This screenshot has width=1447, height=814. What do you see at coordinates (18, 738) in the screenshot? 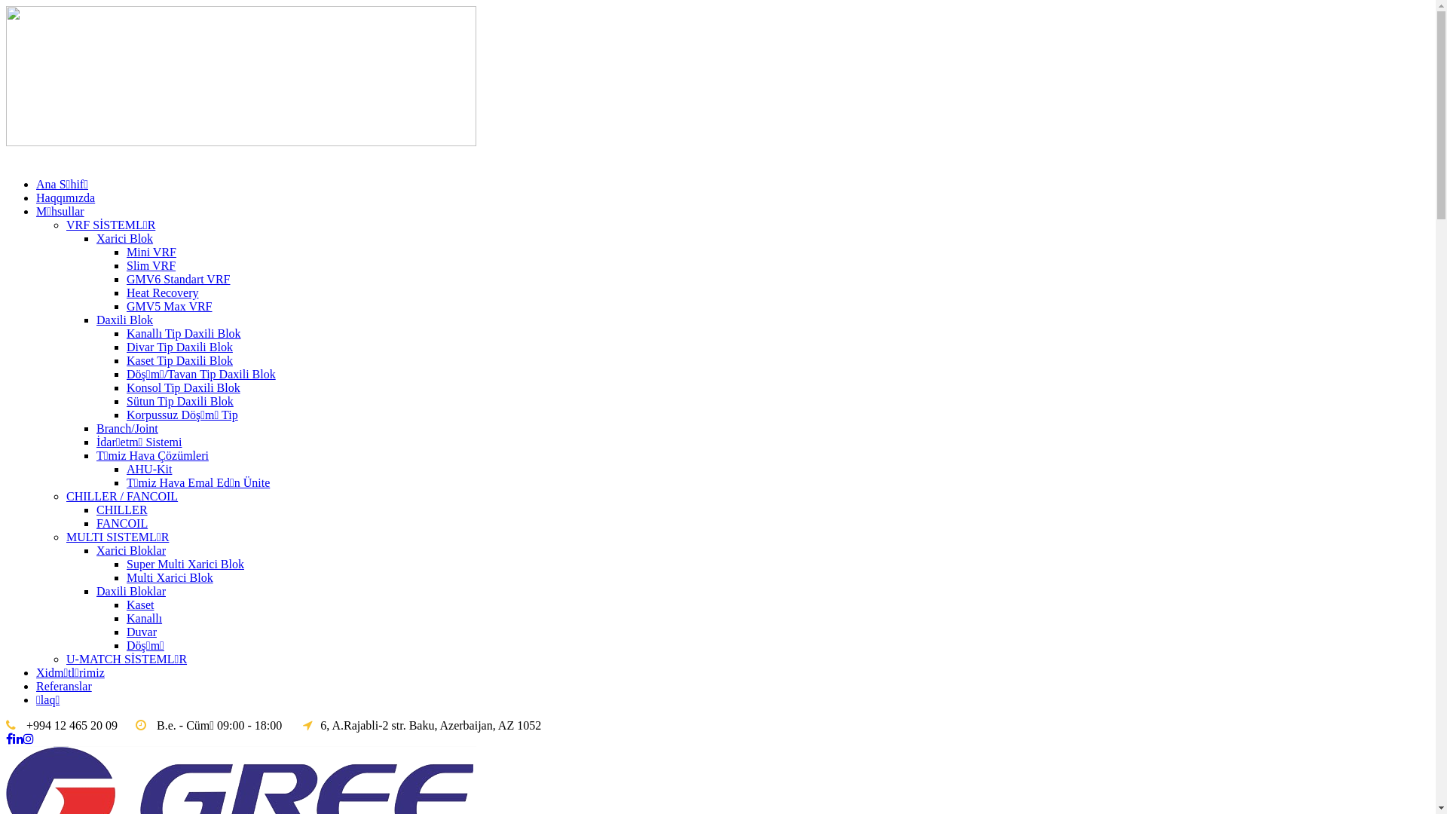
I see `'linkedin'` at bounding box center [18, 738].